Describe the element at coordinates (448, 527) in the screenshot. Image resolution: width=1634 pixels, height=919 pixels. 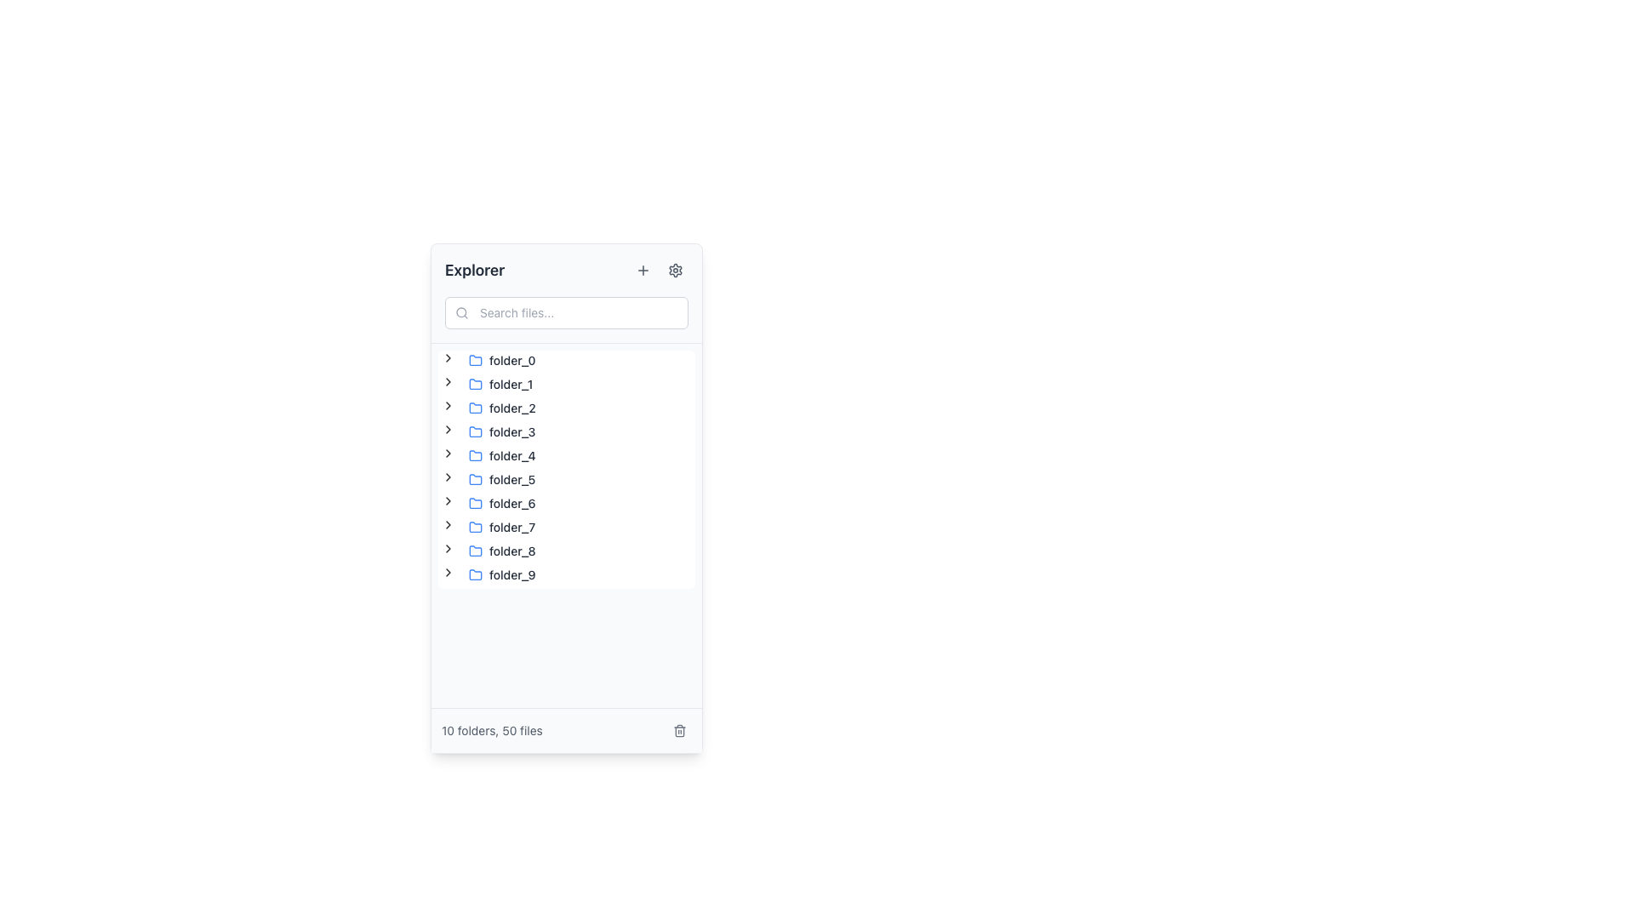
I see `the toggle button` at that location.